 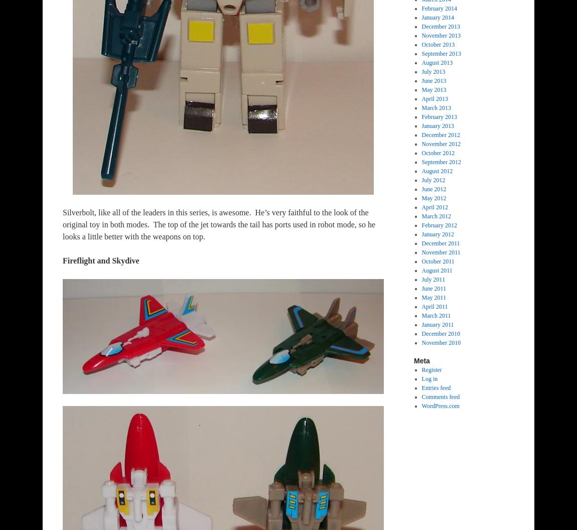 What do you see at coordinates (436, 387) in the screenshot?
I see `'Entries feed'` at bounding box center [436, 387].